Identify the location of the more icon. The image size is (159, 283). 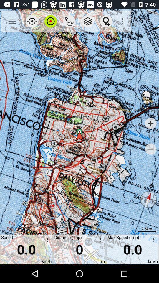
(153, 241).